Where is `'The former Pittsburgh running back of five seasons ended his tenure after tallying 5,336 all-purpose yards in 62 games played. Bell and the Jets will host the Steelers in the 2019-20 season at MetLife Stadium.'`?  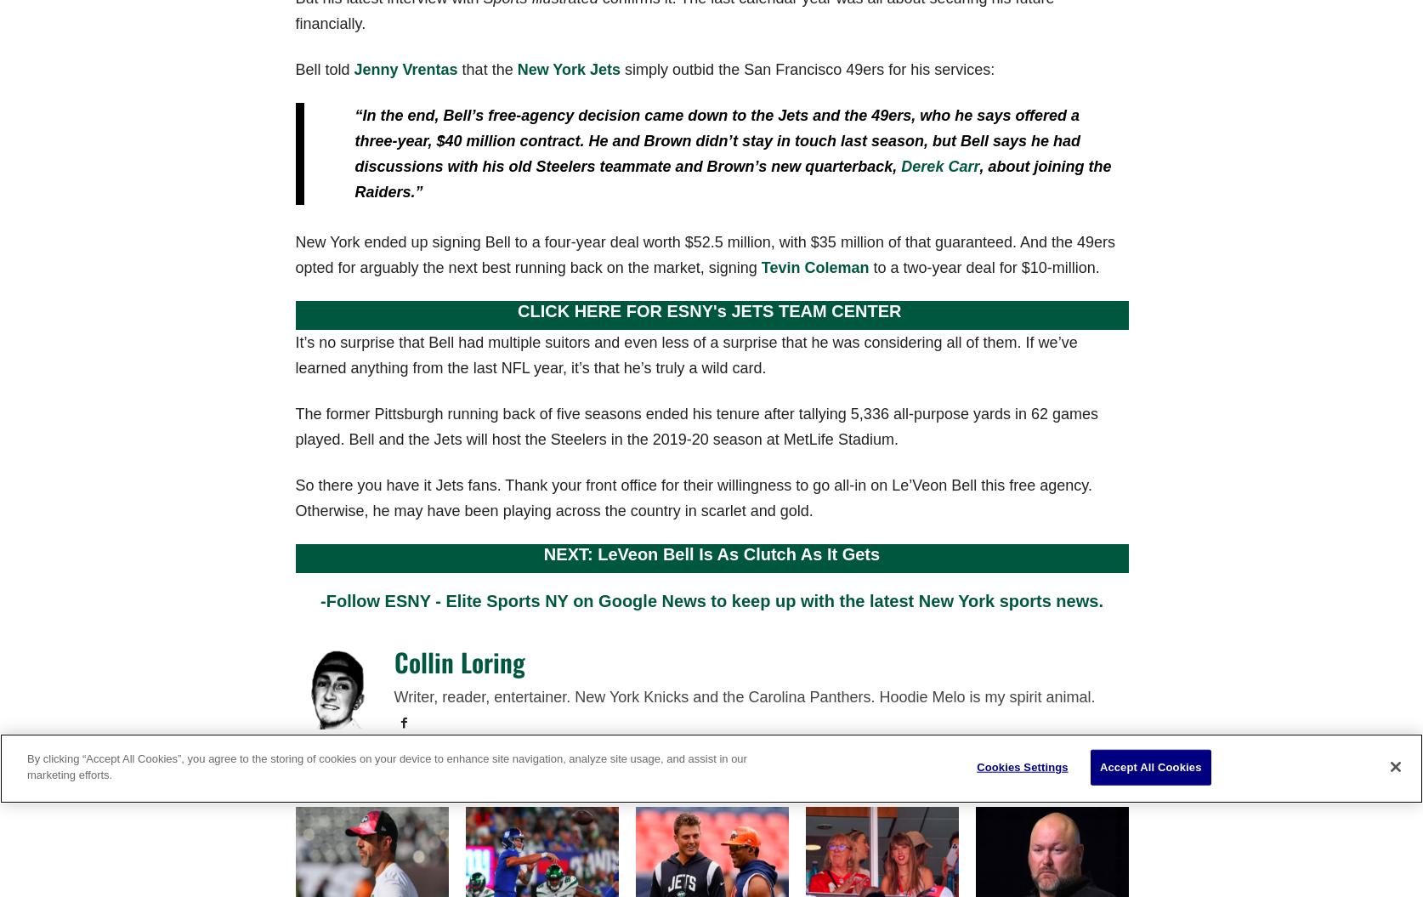
'The former Pittsburgh running back of five seasons ended his tenure after tallying 5,336 all-purpose yards in 62 games played. Bell and the Jets will host the Steelers in the 2019-20 season at MetLife Stadium.' is located at coordinates (695, 426).